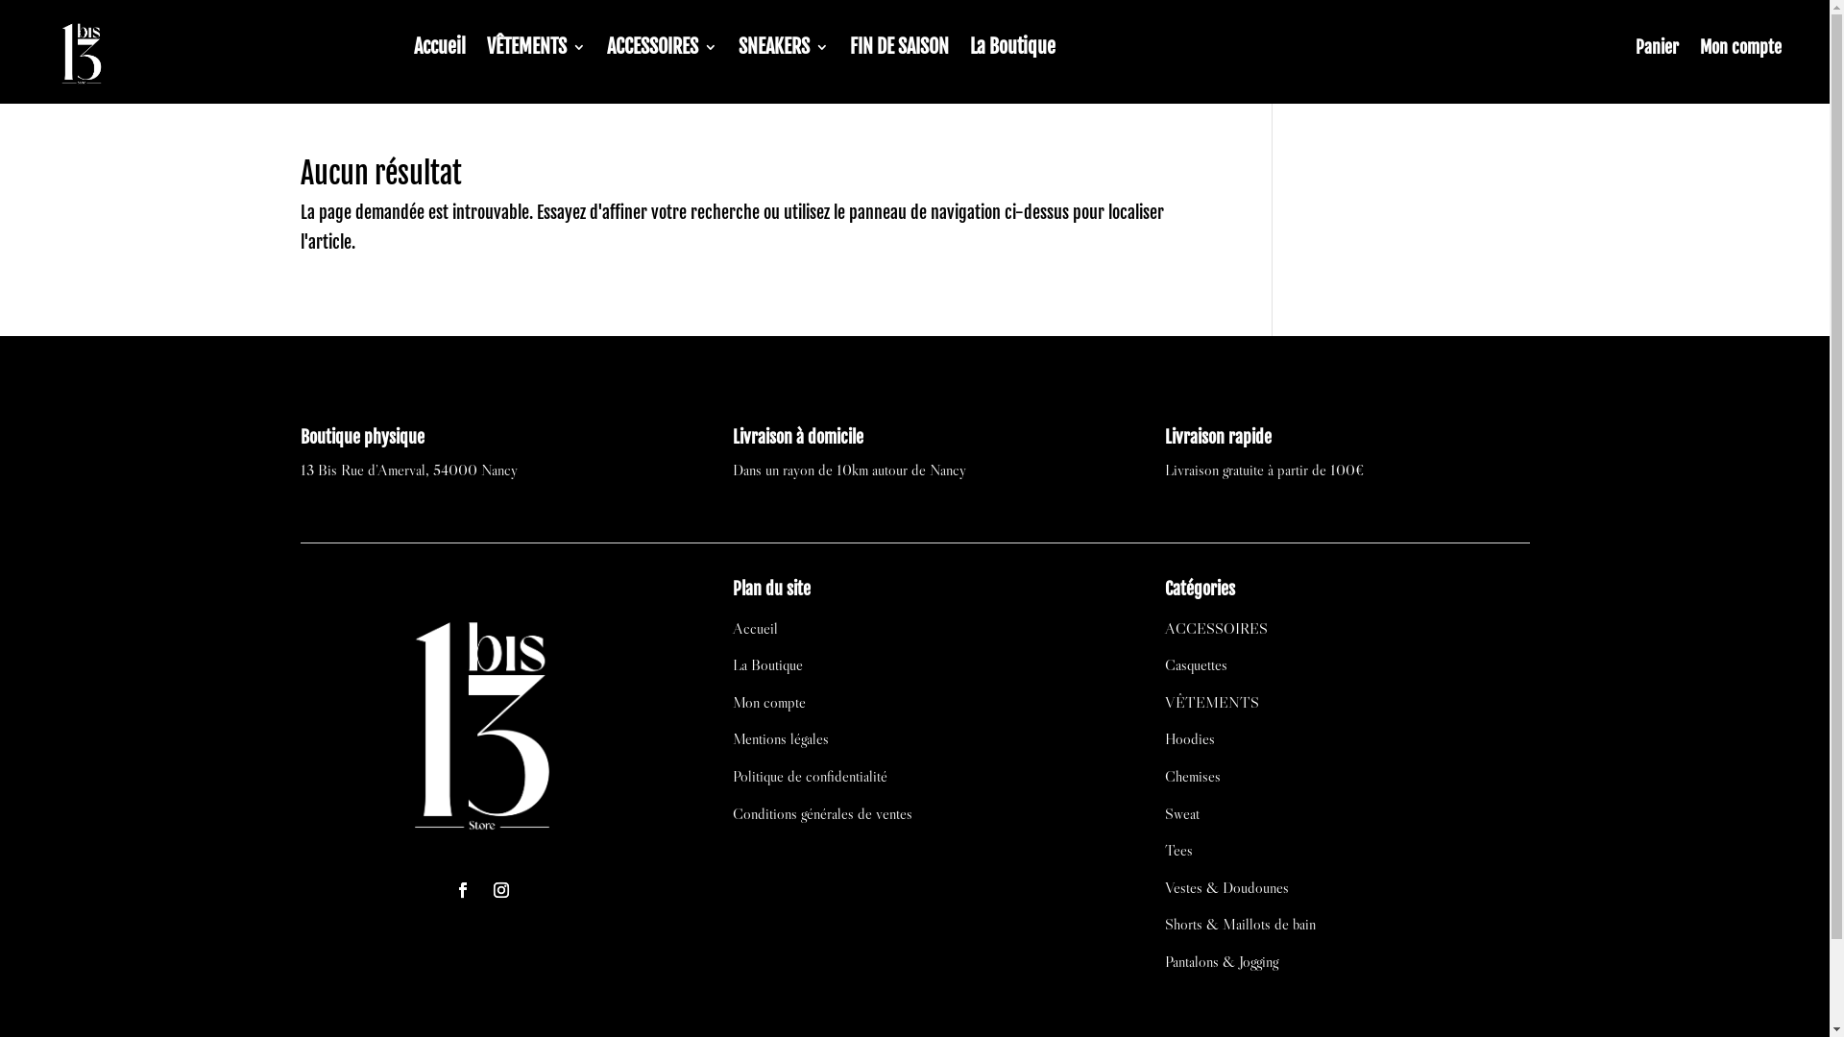  I want to click on 'Shorts & Maillots de bain', so click(1240, 922).